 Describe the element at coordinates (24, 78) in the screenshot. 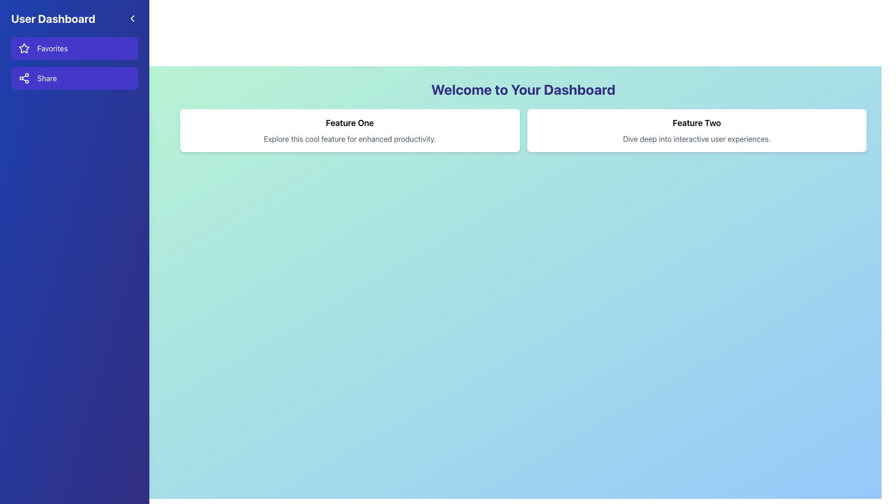

I see `the 'Share' icon located in the left panel navigation menu` at that location.